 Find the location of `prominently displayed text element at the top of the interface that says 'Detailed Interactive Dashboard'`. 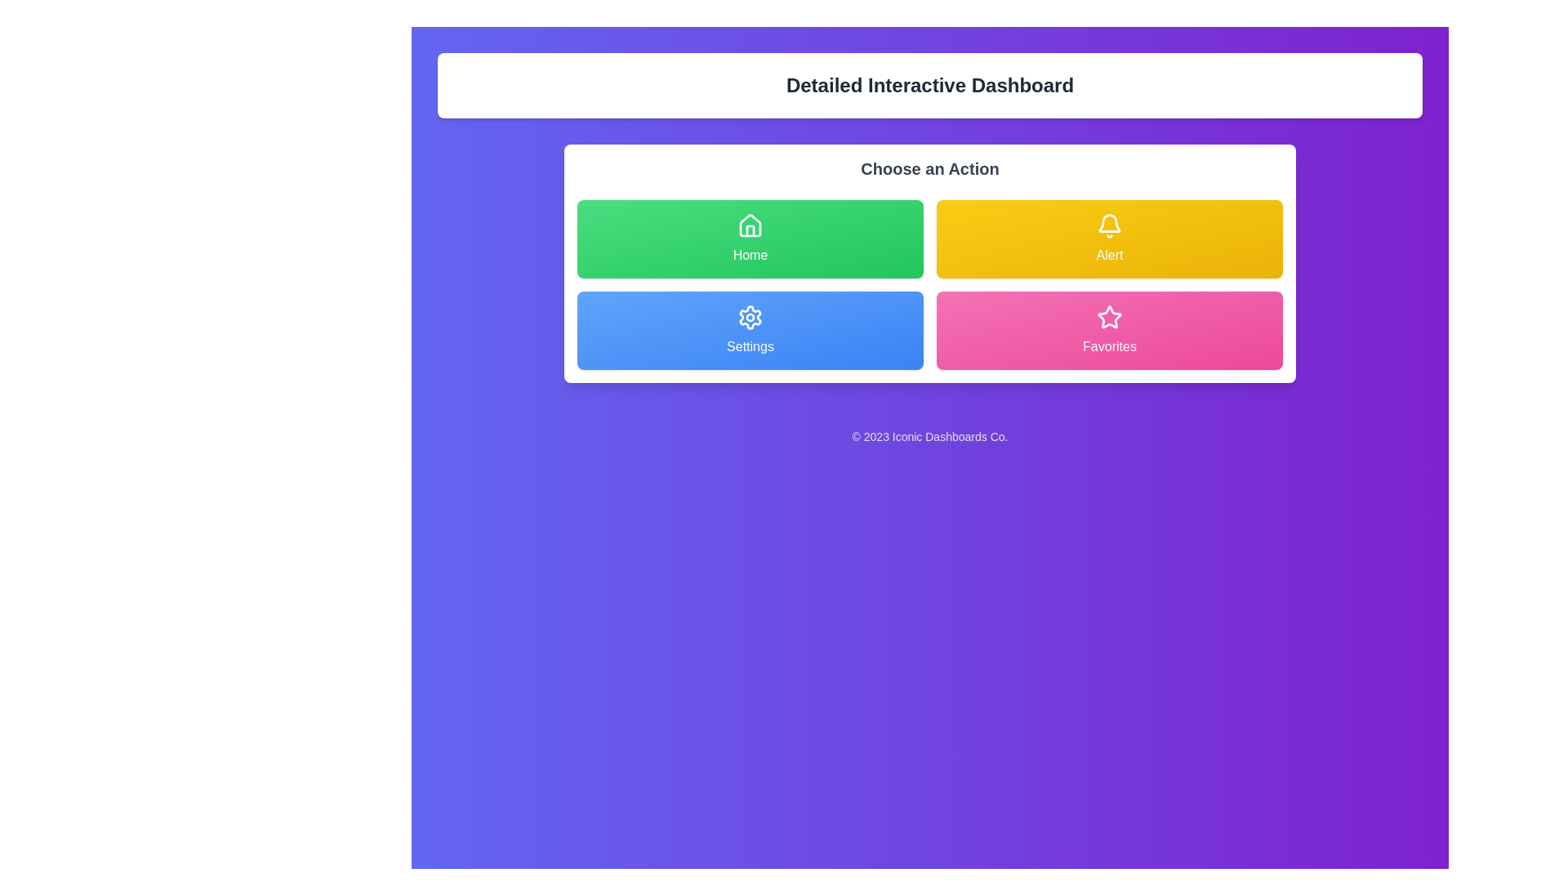

prominently displayed text element at the top of the interface that says 'Detailed Interactive Dashboard' is located at coordinates (929, 85).